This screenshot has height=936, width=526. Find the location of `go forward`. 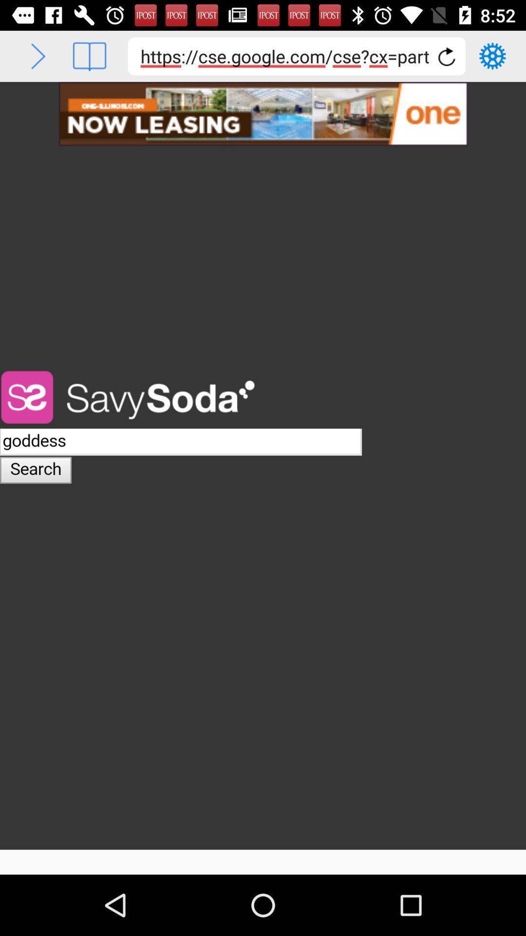

go forward is located at coordinates (38, 56).